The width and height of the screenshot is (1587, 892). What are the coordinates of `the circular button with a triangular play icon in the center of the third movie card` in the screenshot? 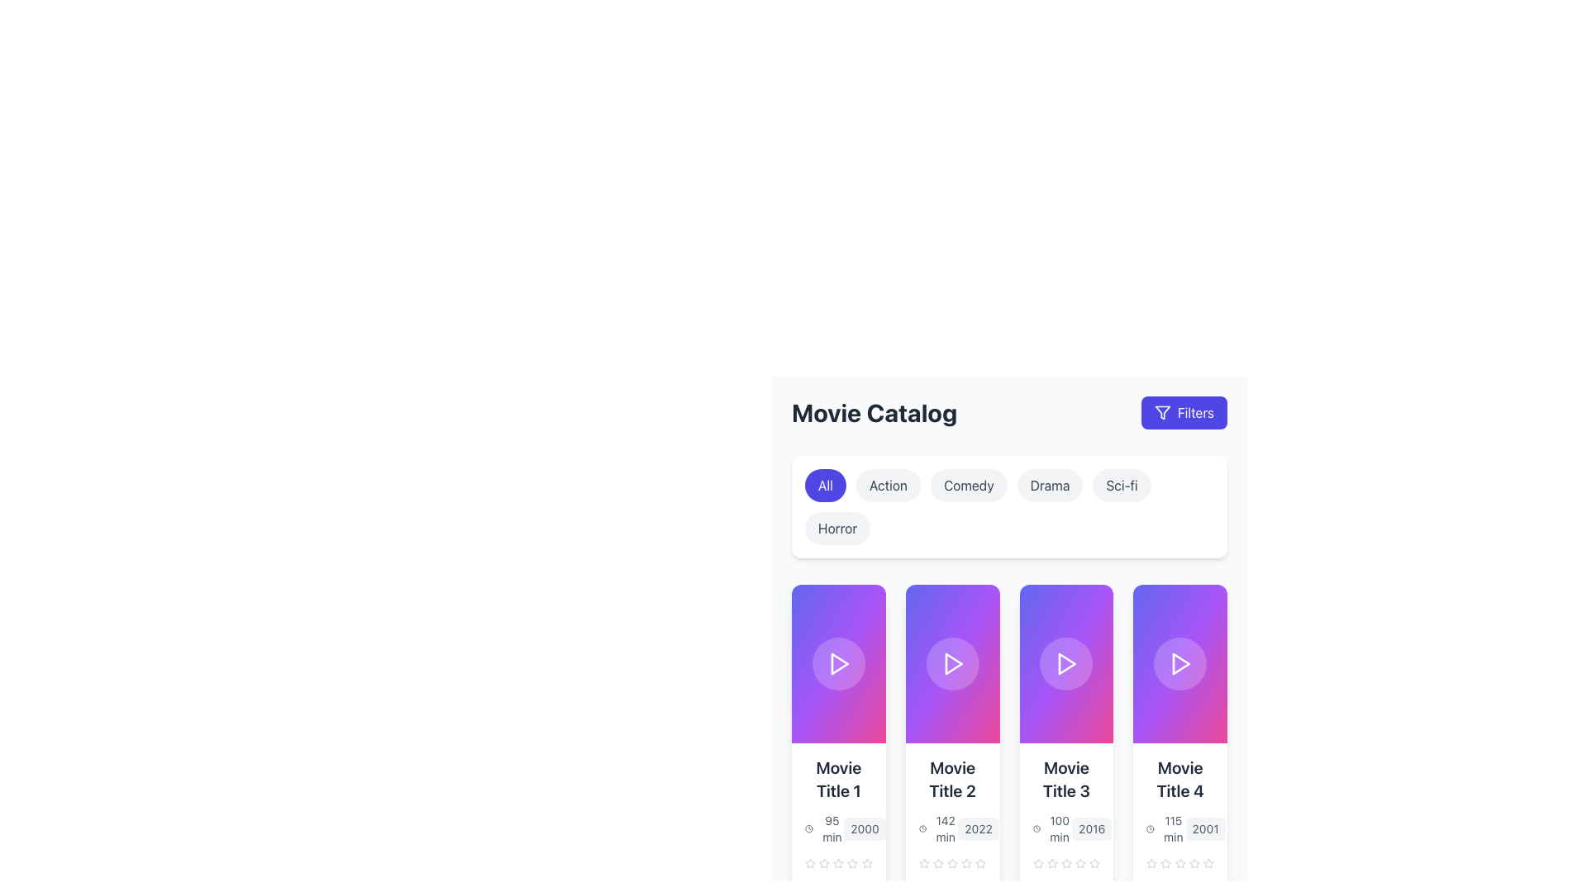 It's located at (1066, 662).